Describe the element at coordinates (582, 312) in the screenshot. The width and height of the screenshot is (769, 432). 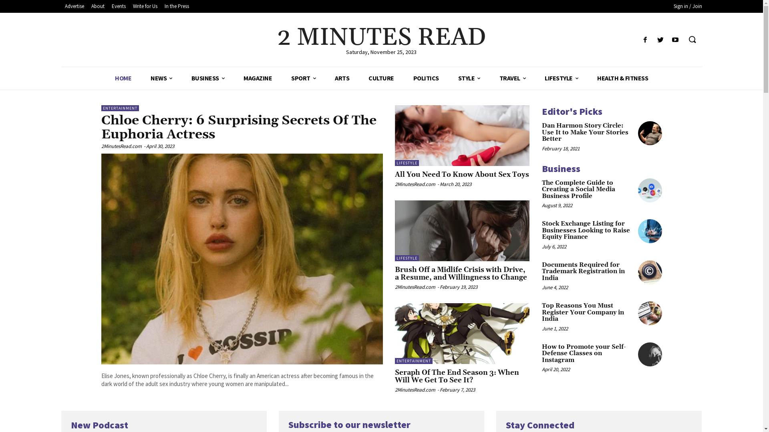
I see `'Top Reasons You Must Register Your Company in India'` at that location.